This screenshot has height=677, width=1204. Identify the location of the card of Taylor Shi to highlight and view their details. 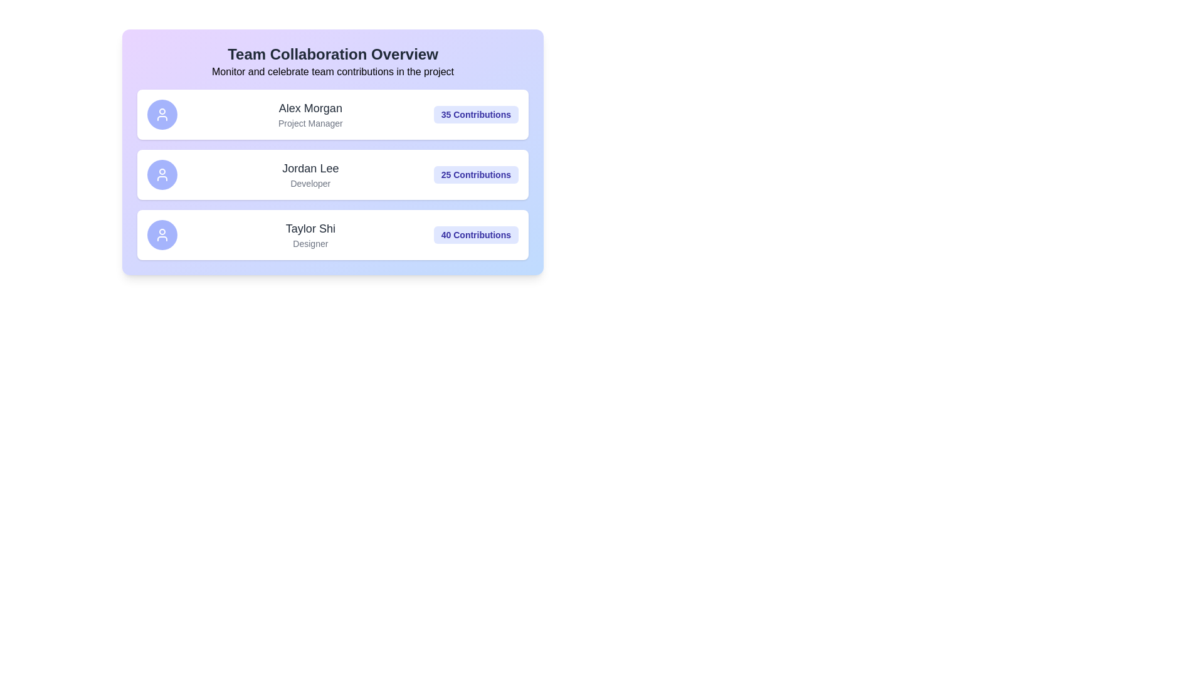
(333, 234).